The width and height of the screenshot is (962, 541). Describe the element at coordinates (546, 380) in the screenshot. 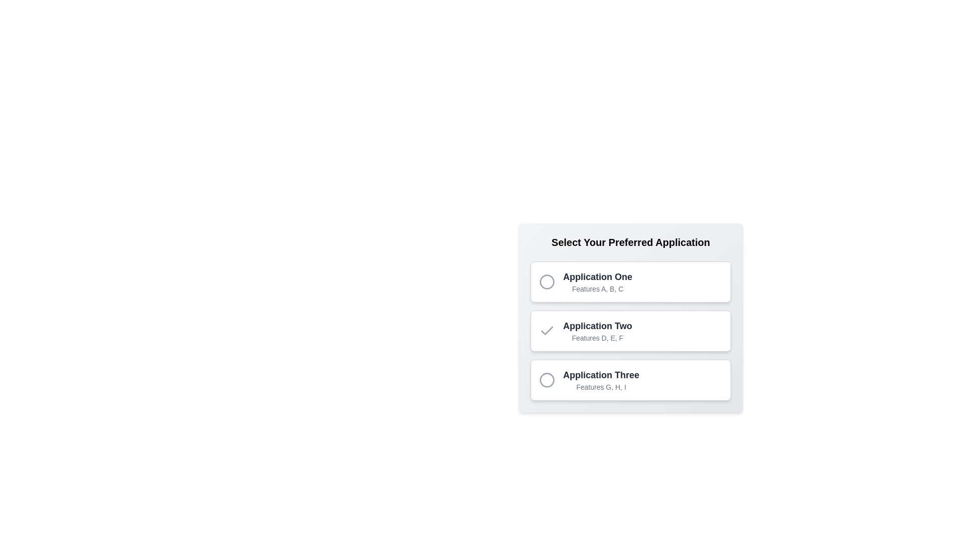

I see `the circular indicator icon styled as an outlined circle with a gray outline, located to the left of 'Application Three' in the options list` at that location.